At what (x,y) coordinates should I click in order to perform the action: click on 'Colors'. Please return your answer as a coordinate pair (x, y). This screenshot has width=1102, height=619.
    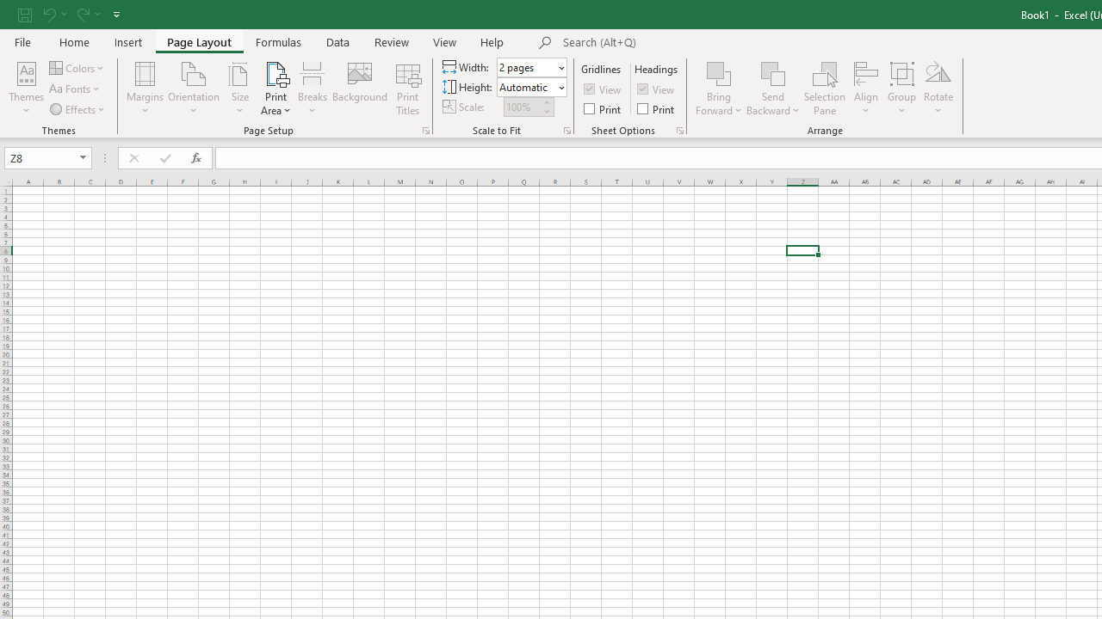
    Looking at the image, I should click on (77, 67).